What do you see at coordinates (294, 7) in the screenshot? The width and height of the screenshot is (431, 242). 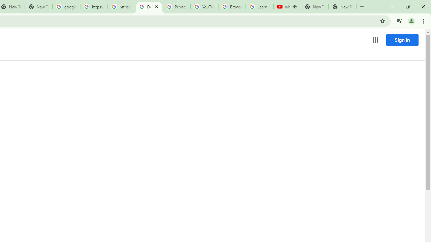 I see `'Mute tab'` at bounding box center [294, 7].